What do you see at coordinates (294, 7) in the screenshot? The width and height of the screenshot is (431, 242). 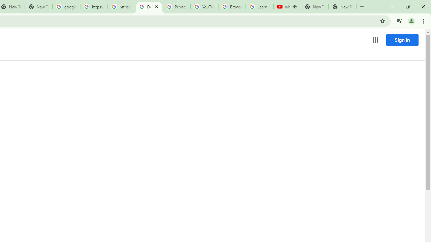 I see `'Mute tab'` at bounding box center [294, 7].